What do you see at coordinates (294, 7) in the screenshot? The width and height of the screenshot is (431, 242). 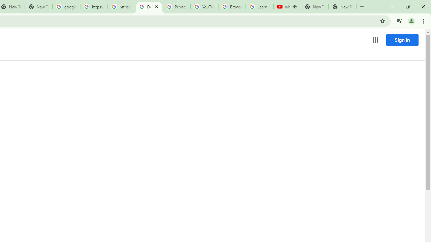 I see `'Mute tab'` at bounding box center [294, 7].